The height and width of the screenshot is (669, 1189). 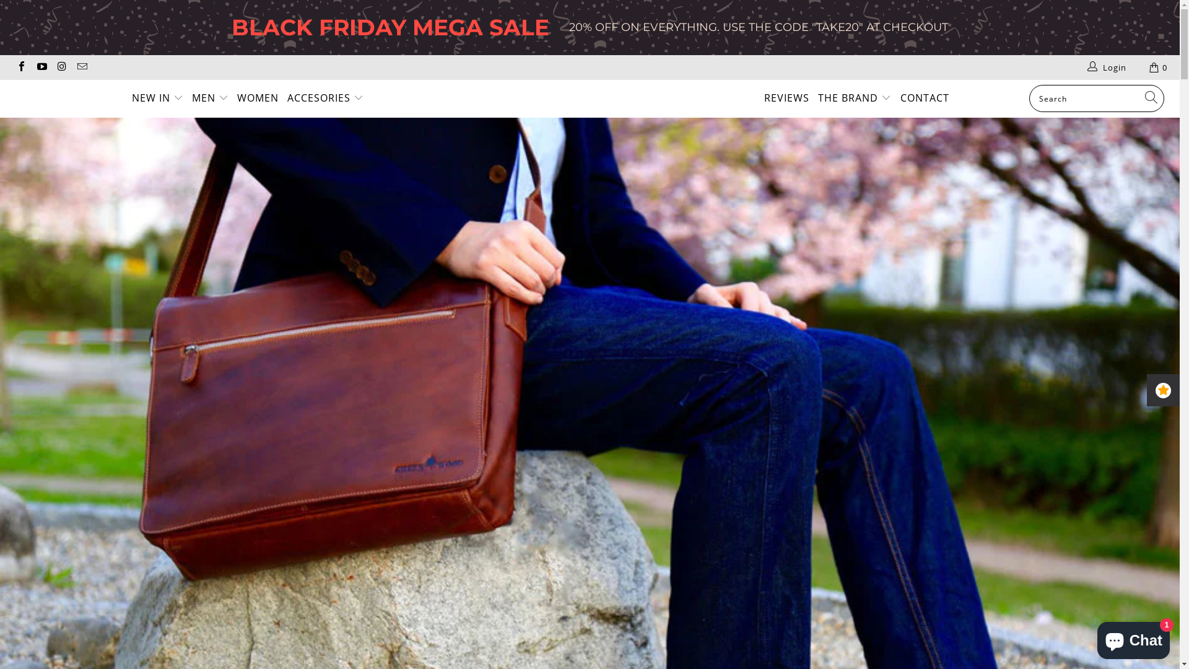 I want to click on 'Login', so click(x=1107, y=67).